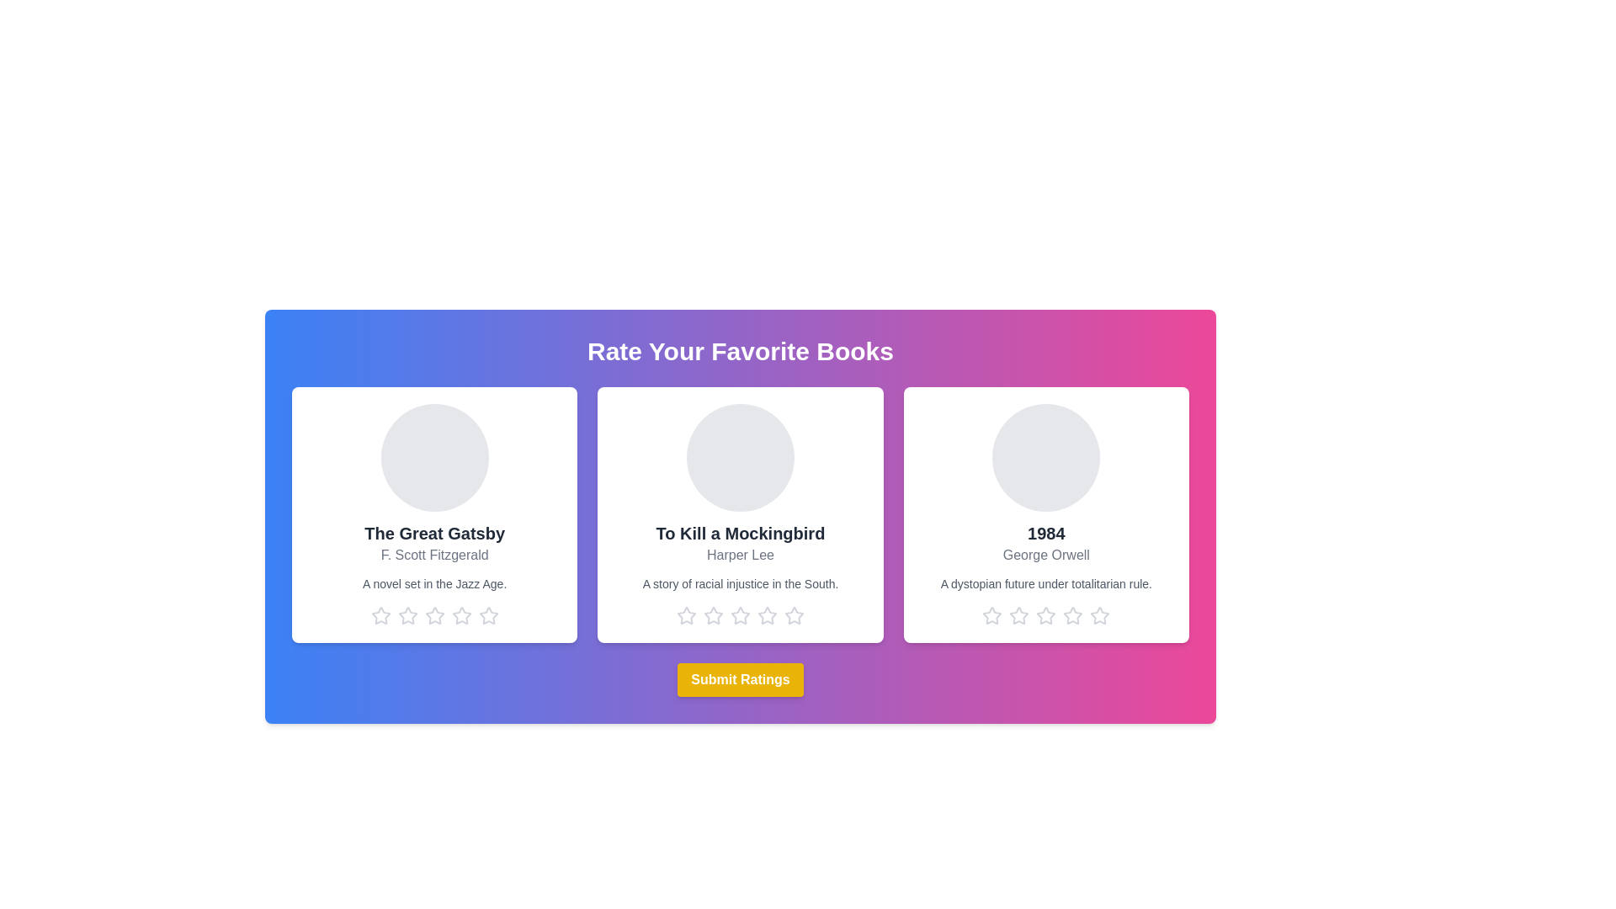 The image size is (1616, 909). What do you see at coordinates (687, 616) in the screenshot?
I see `the star corresponding to the rating 1 for the book titled To Kill a Mockingbird` at bounding box center [687, 616].